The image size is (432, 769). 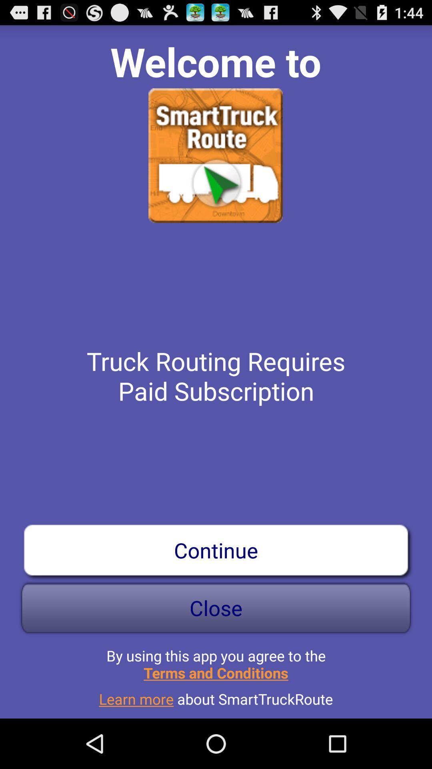 I want to click on the icon above by using this icon, so click(x=216, y=608).